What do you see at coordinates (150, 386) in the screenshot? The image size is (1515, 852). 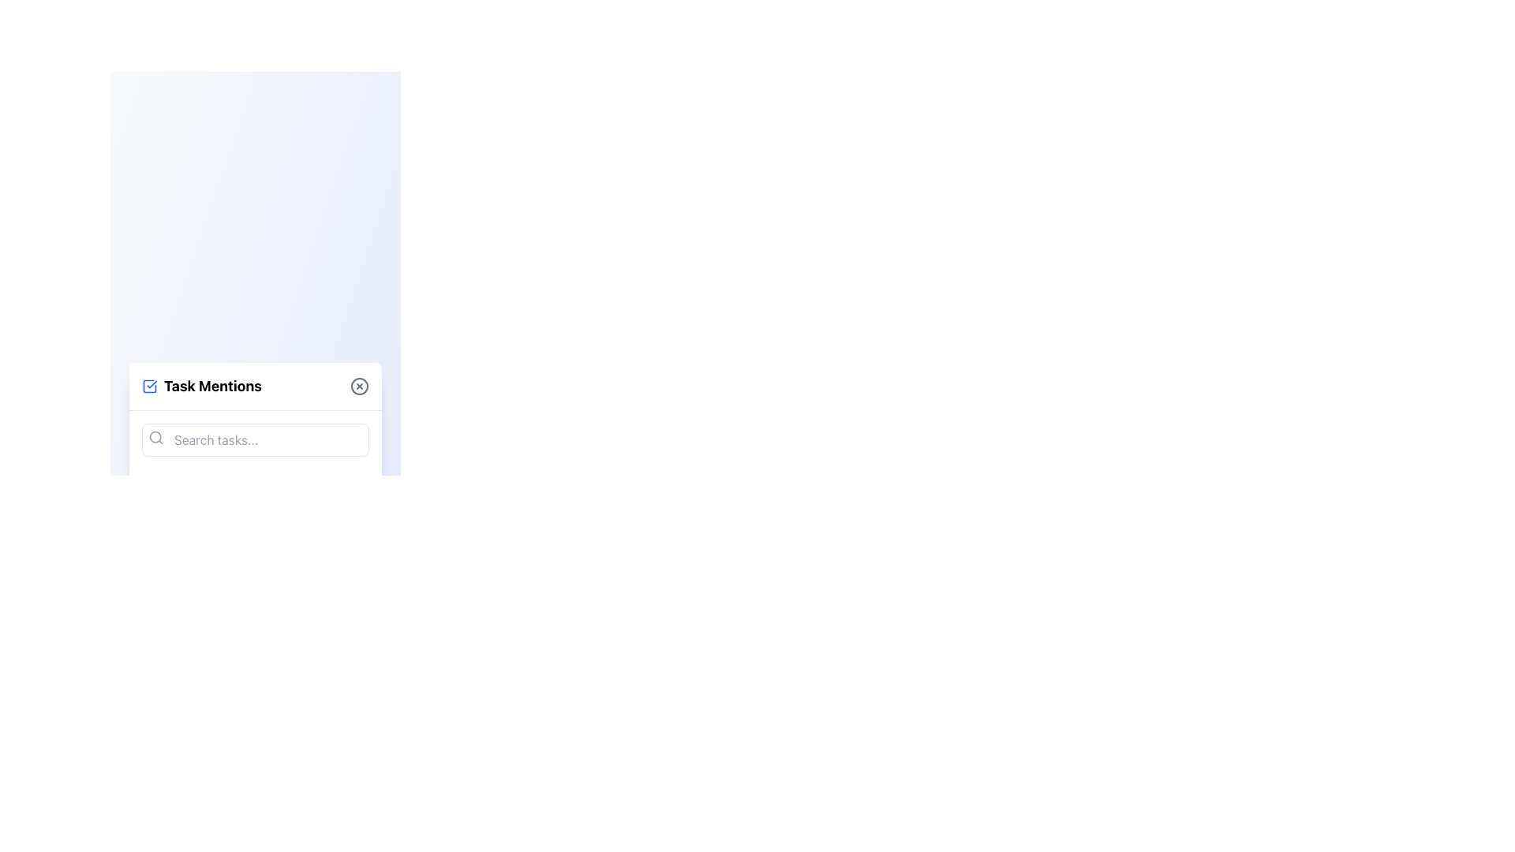 I see `the blue square icon with rounded edges containing a check mark symbol, which is located to the left of the 'Task Mentions' text in the header area` at bounding box center [150, 386].